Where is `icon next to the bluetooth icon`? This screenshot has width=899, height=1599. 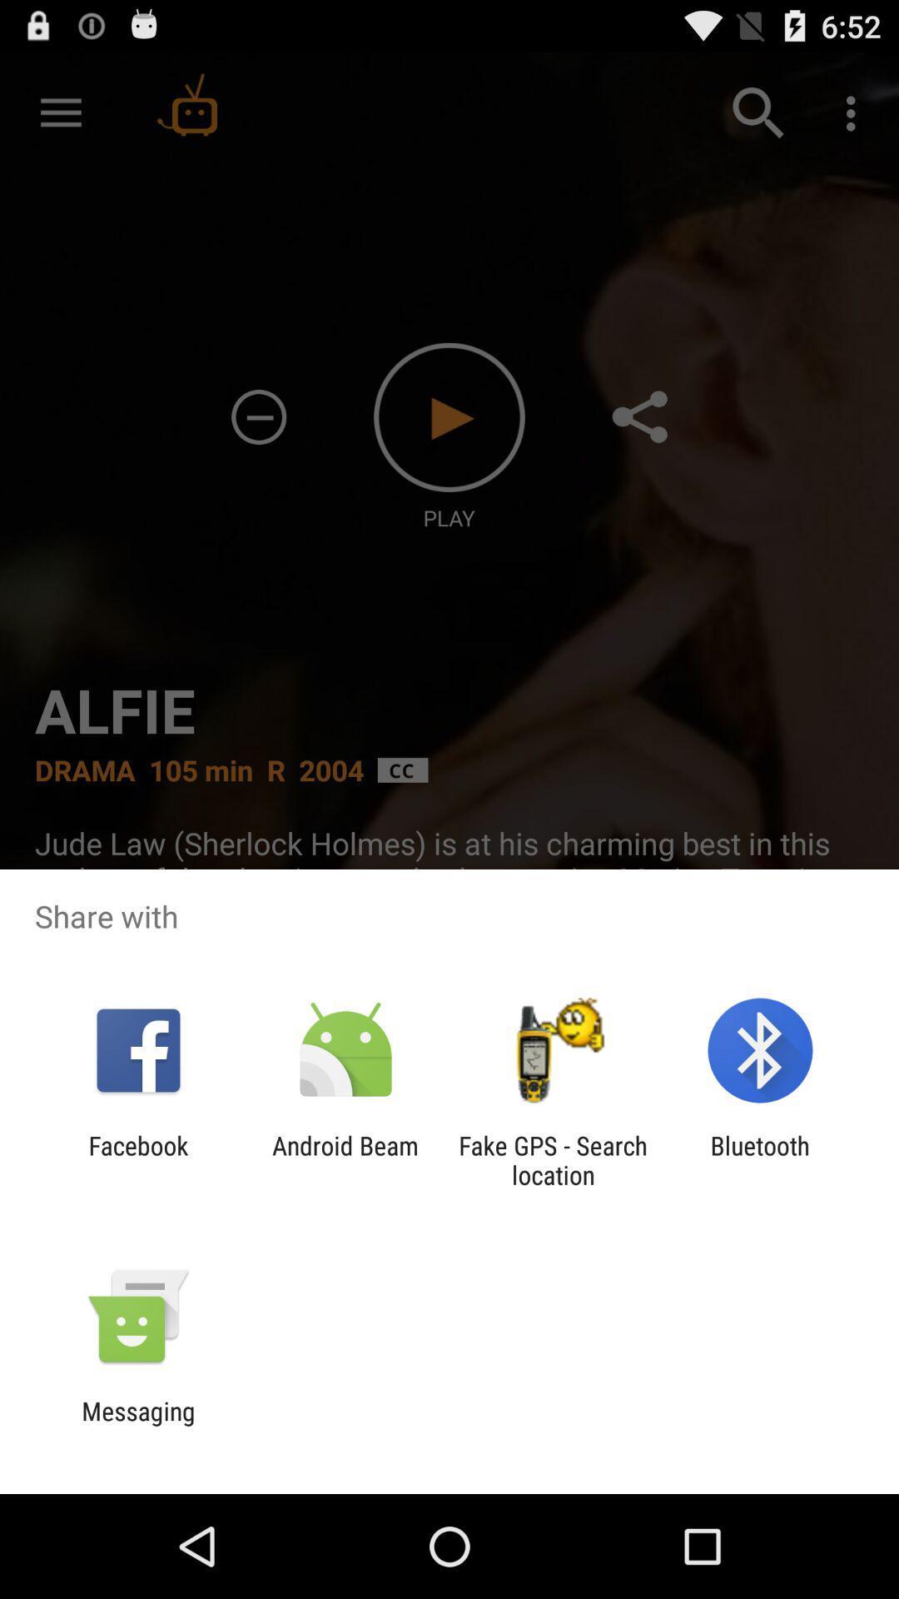 icon next to the bluetooth icon is located at coordinates (553, 1159).